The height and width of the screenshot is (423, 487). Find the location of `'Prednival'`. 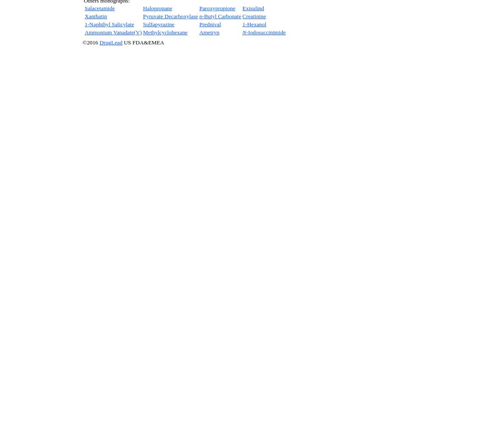

'Prednival' is located at coordinates (210, 24).